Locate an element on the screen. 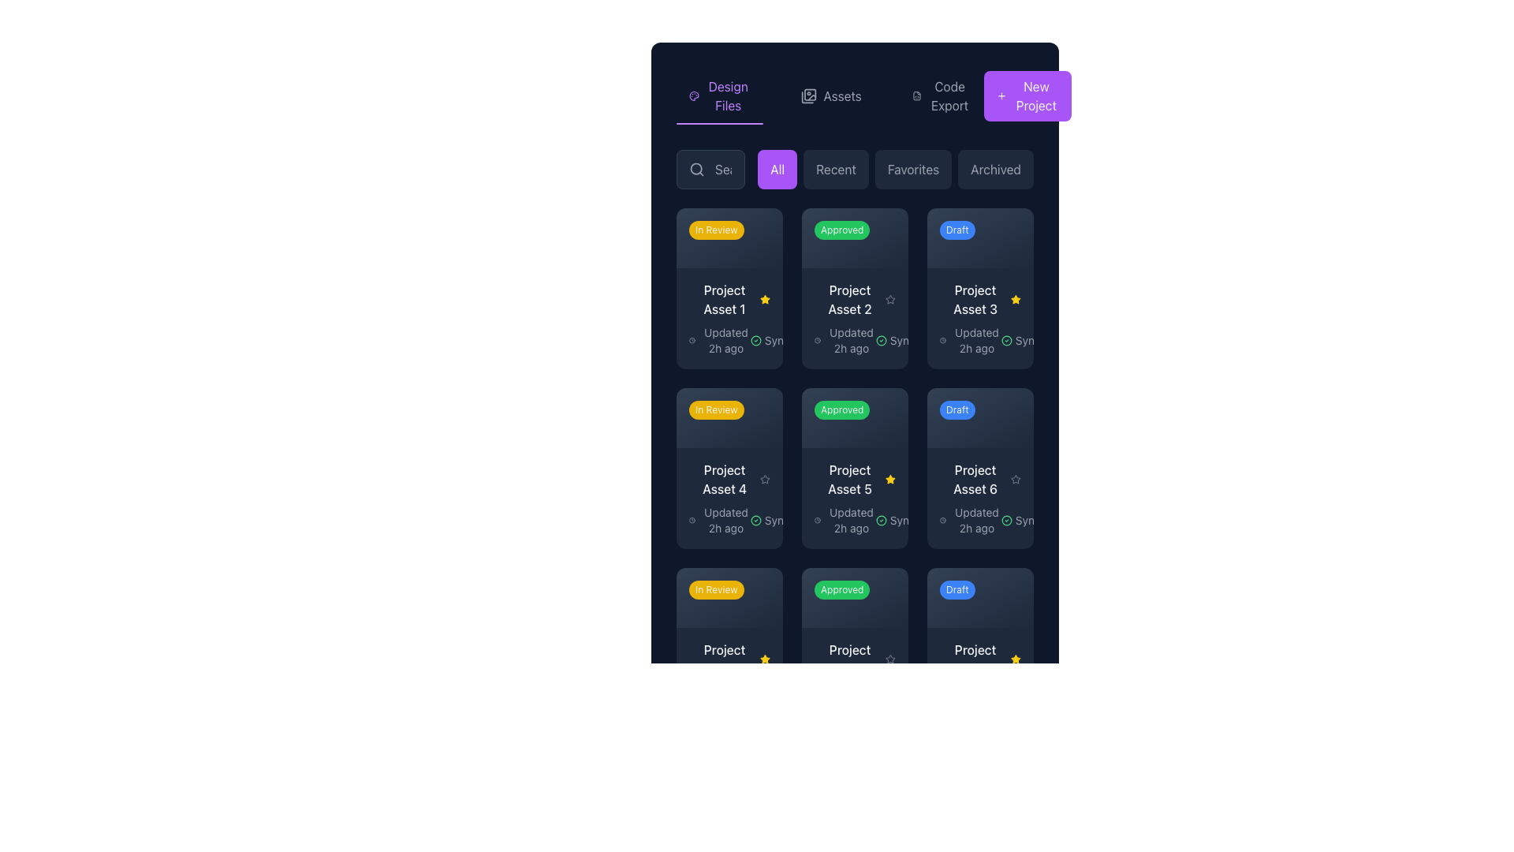 The height and width of the screenshot is (852, 1514). the text label displaying 'Project Asset 4' with a star icon on a dark blue background, located in the second row, first column of the grid layout is located at coordinates (729, 478).